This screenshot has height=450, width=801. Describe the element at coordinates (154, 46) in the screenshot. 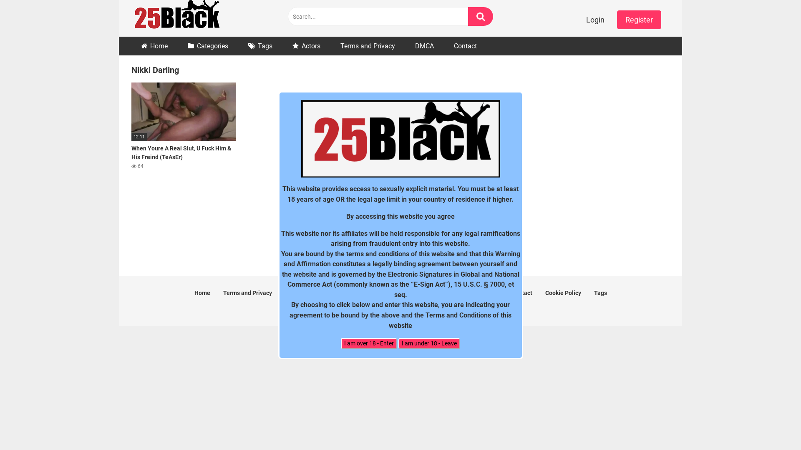

I see `'Home'` at that location.